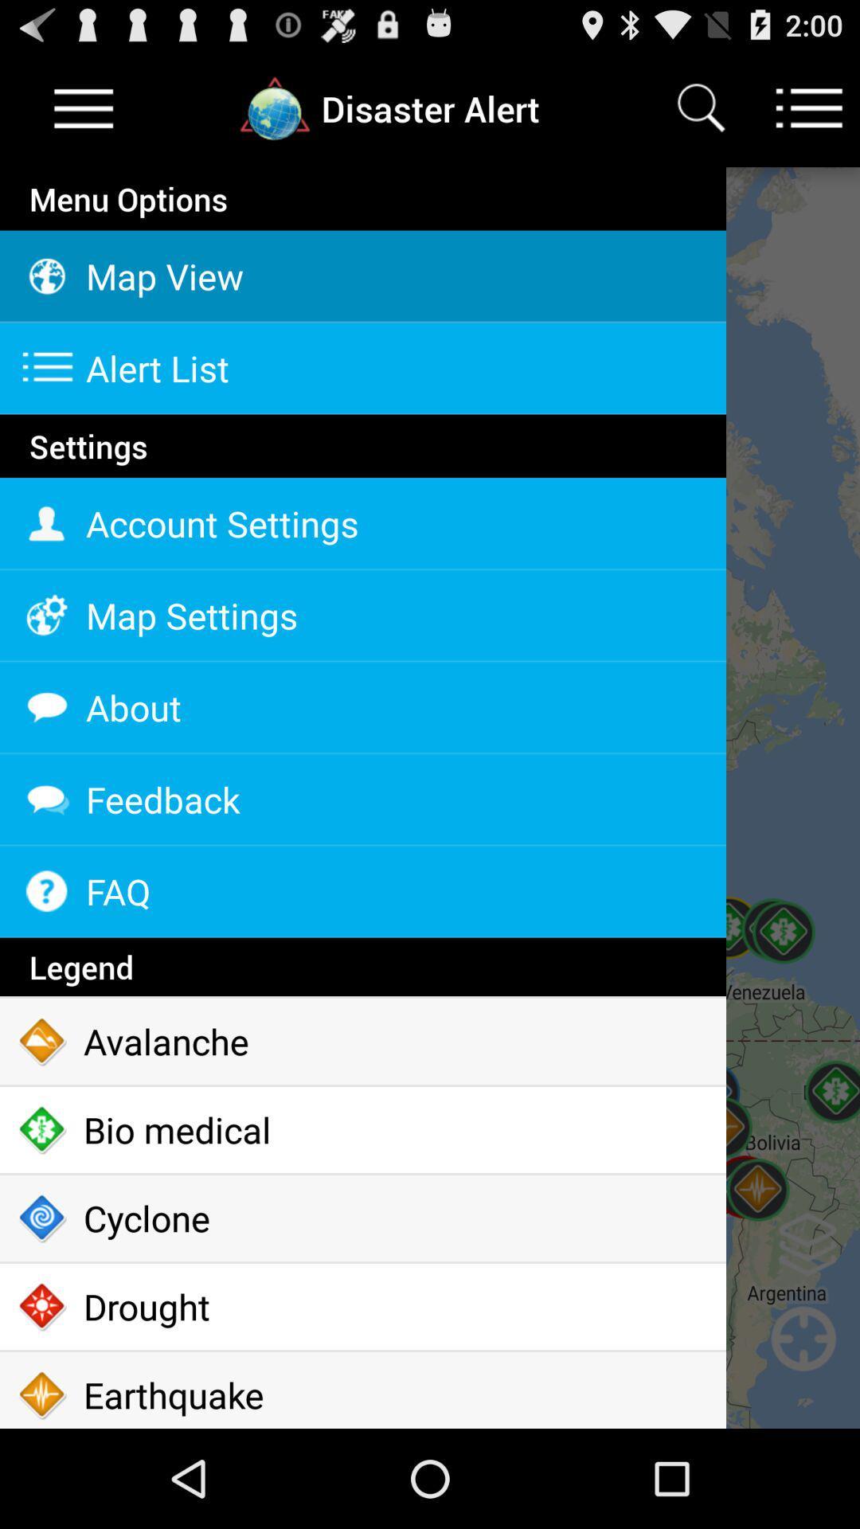  Describe the element at coordinates (803, 1455) in the screenshot. I see `the location_crosshair icon` at that location.